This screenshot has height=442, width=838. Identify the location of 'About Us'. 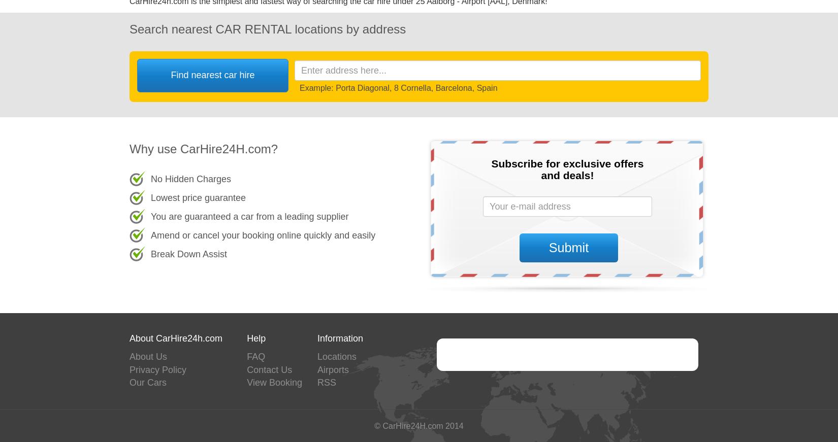
(148, 356).